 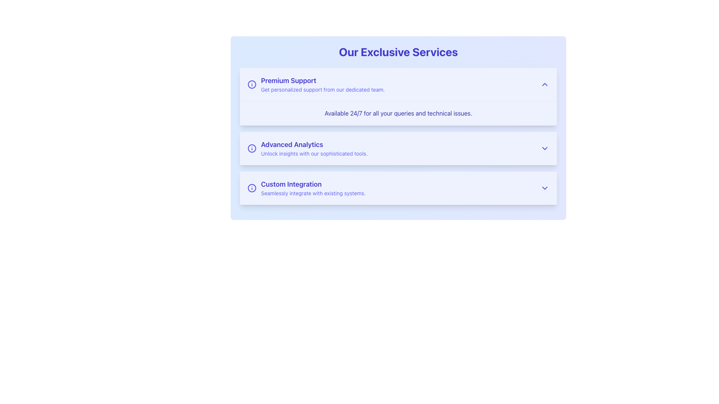 I want to click on the Informational Text with Icon element labeled 'Advanced Analytics' that is centrally located in the second panel under 'Our Exclusive Services', so click(x=307, y=149).